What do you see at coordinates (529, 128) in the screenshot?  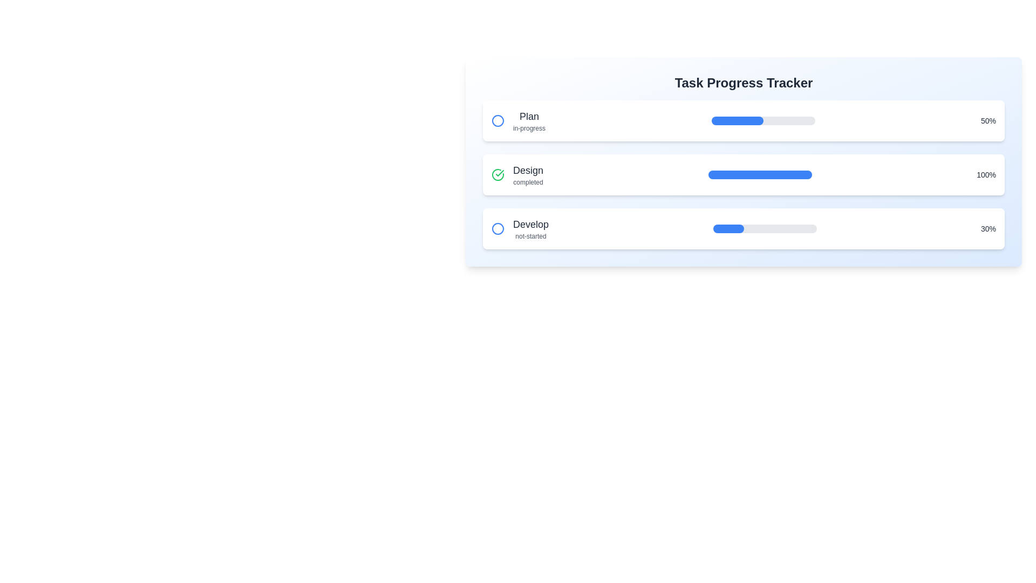 I see `the static text label that reads 'in-progress', which is styled in a smaller font size and grey color, located directly below the bolded text 'Plan' in the task list interface titled 'Task Progress Tracker'` at bounding box center [529, 128].